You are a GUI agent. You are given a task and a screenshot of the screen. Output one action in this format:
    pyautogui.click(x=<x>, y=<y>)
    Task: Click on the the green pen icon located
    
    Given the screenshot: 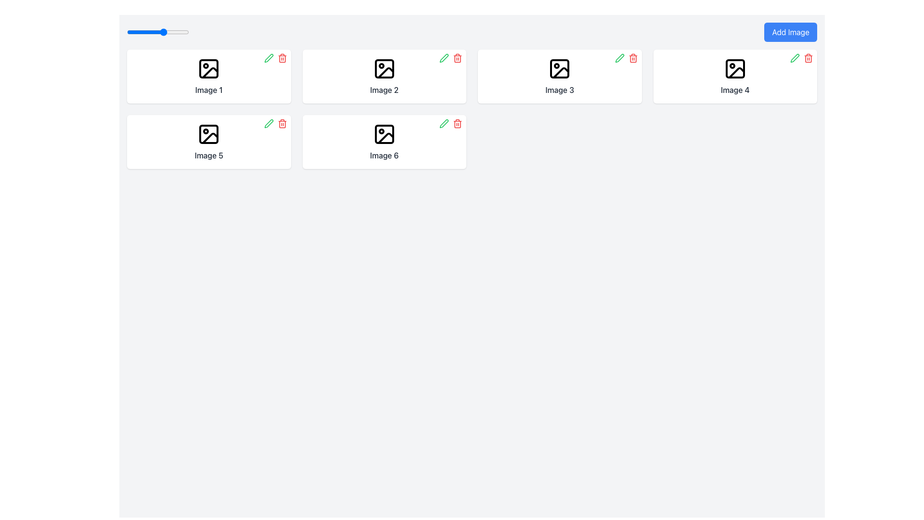 What is the action you would take?
    pyautogui.click(x=443, y=58)
    